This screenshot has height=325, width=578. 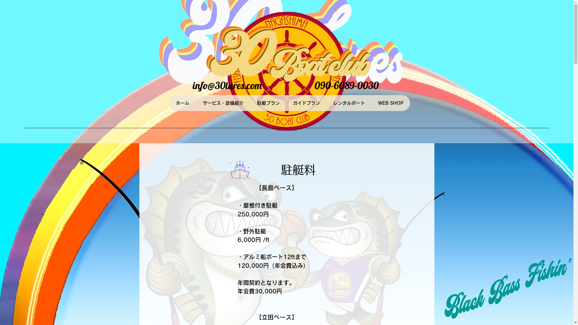 What do you see at coordinates (192, 85) in the screenshot?
I see `'info@30lures.com'` at bounding box center [192, 85].